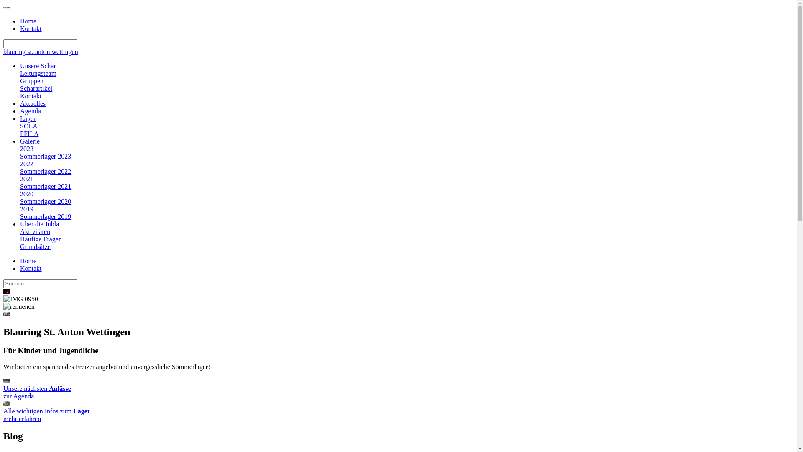 The image size is (803, 452). Describe the element at coordinates (18, 395) in the screenshot. I see `'zur Agenda'` at that location.